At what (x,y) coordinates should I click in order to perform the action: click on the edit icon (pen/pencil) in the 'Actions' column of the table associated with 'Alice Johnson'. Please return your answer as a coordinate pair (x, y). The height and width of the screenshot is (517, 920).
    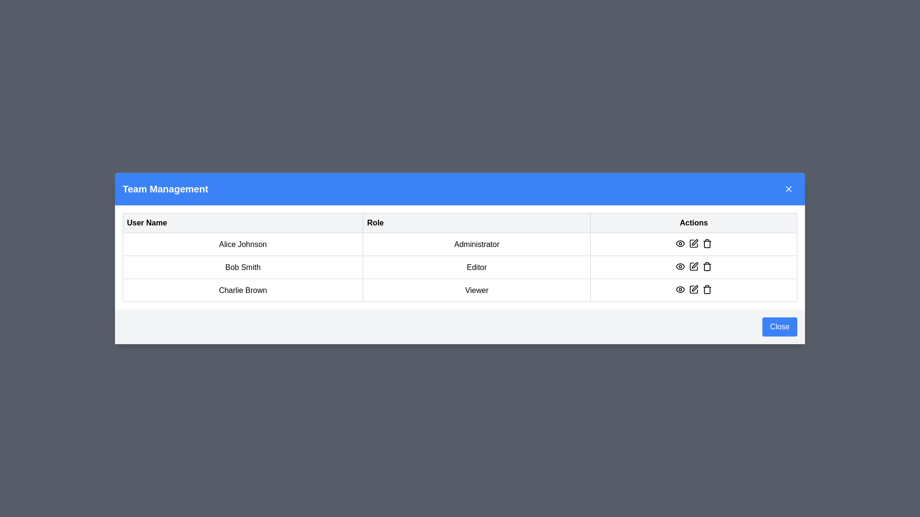
    Looking at the image, I should click on (695, 242).